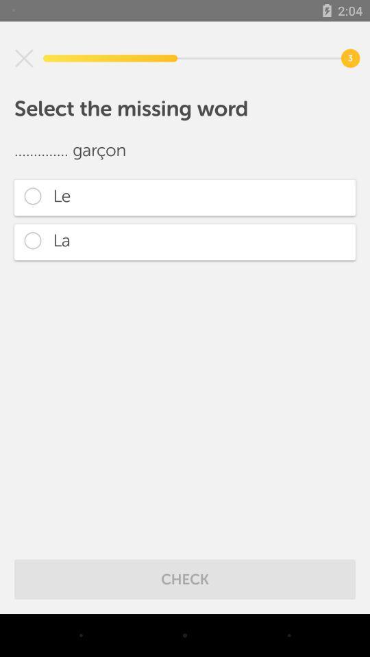  What do you see at coordinates (185, 242) in the screenshot?
I see `the la item` at bounding box center [185, 242].